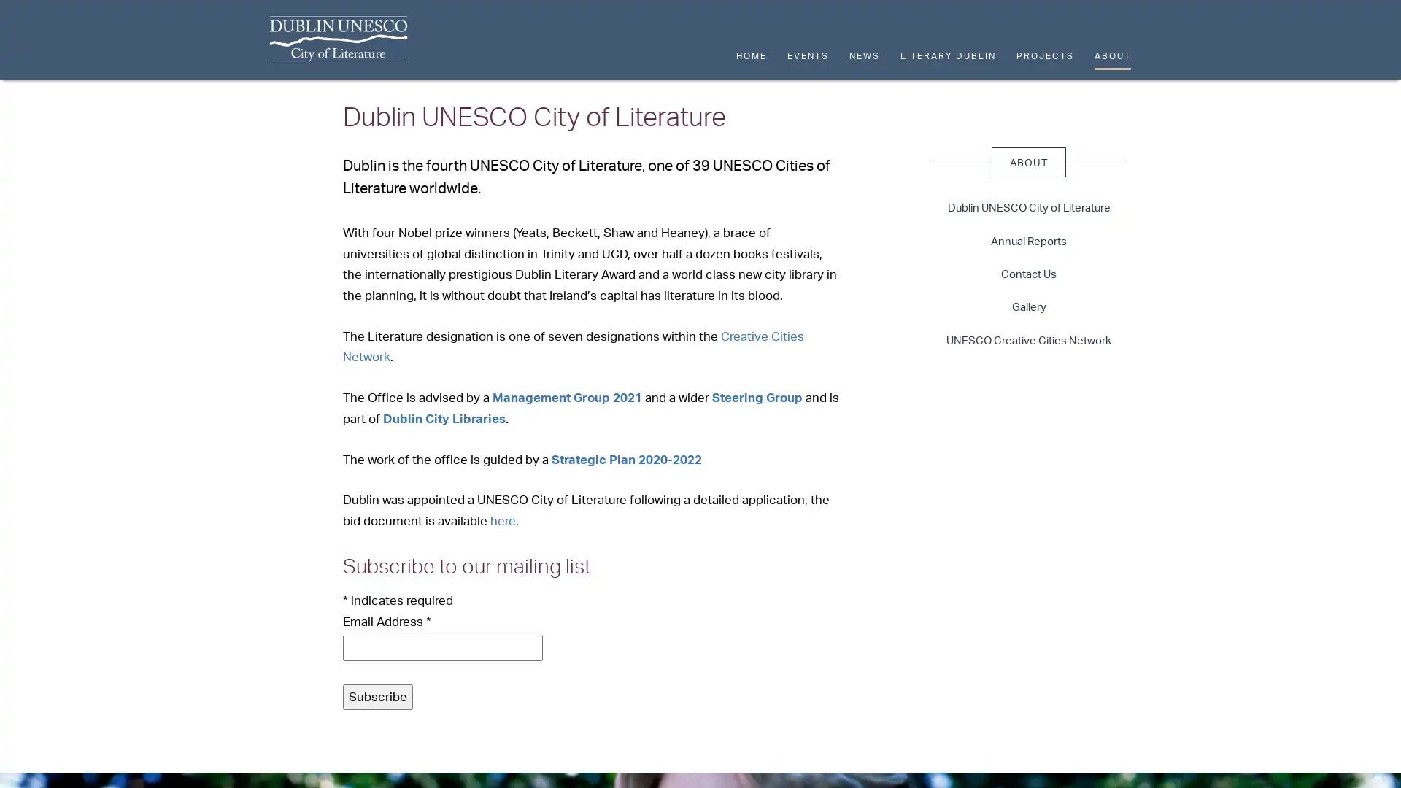  I want to click on Subscribe, so click(378, 696).